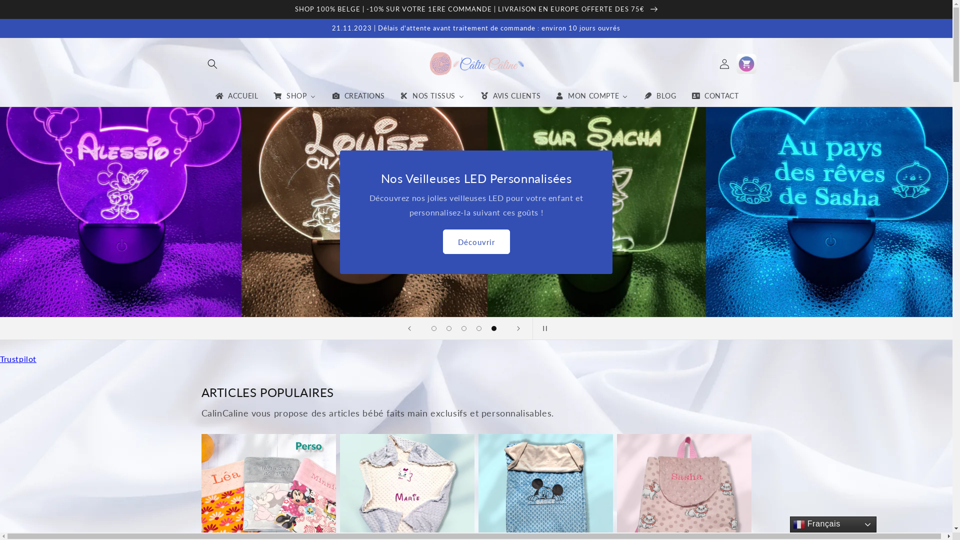 The image size is (960, 540). I want to click on 'ACCUEIL', so click(235, 96).